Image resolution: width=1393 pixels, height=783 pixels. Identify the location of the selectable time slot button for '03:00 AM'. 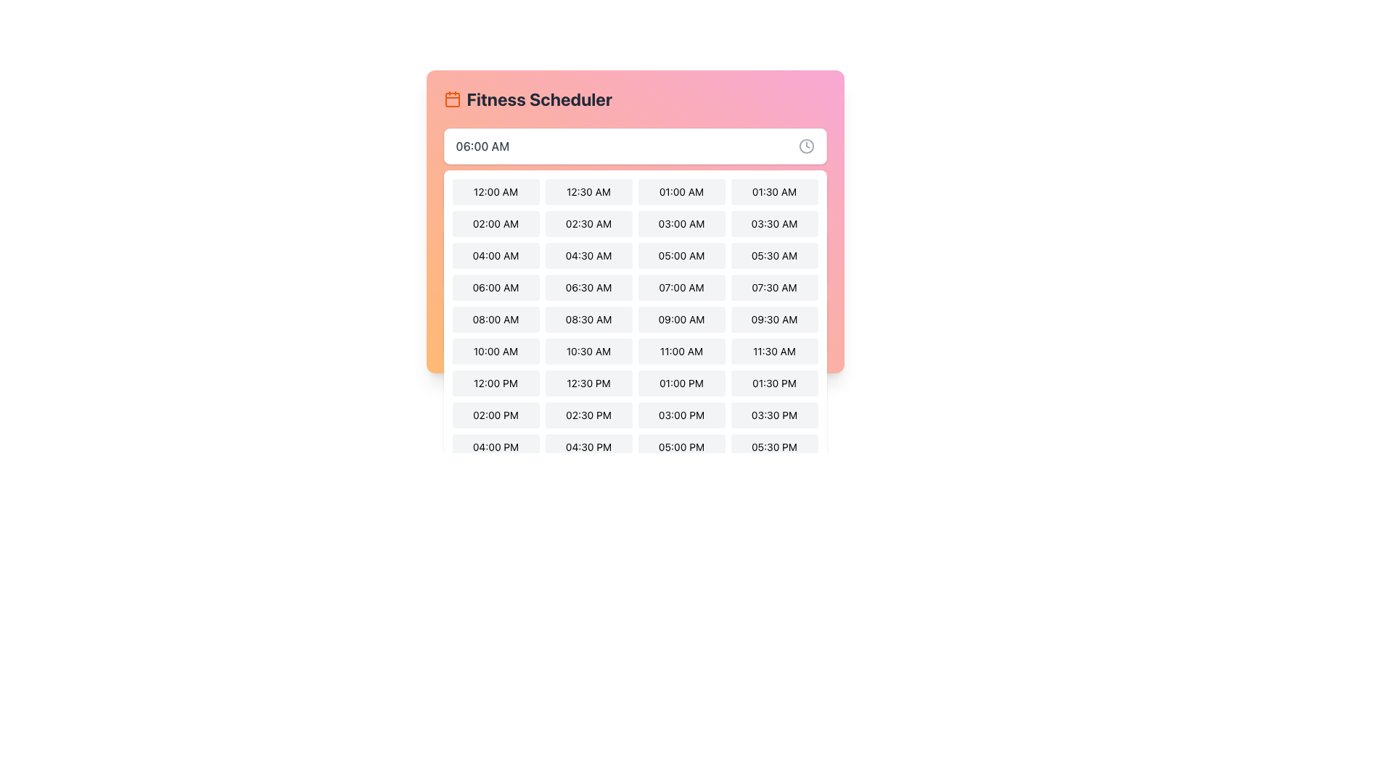
(681, 223).